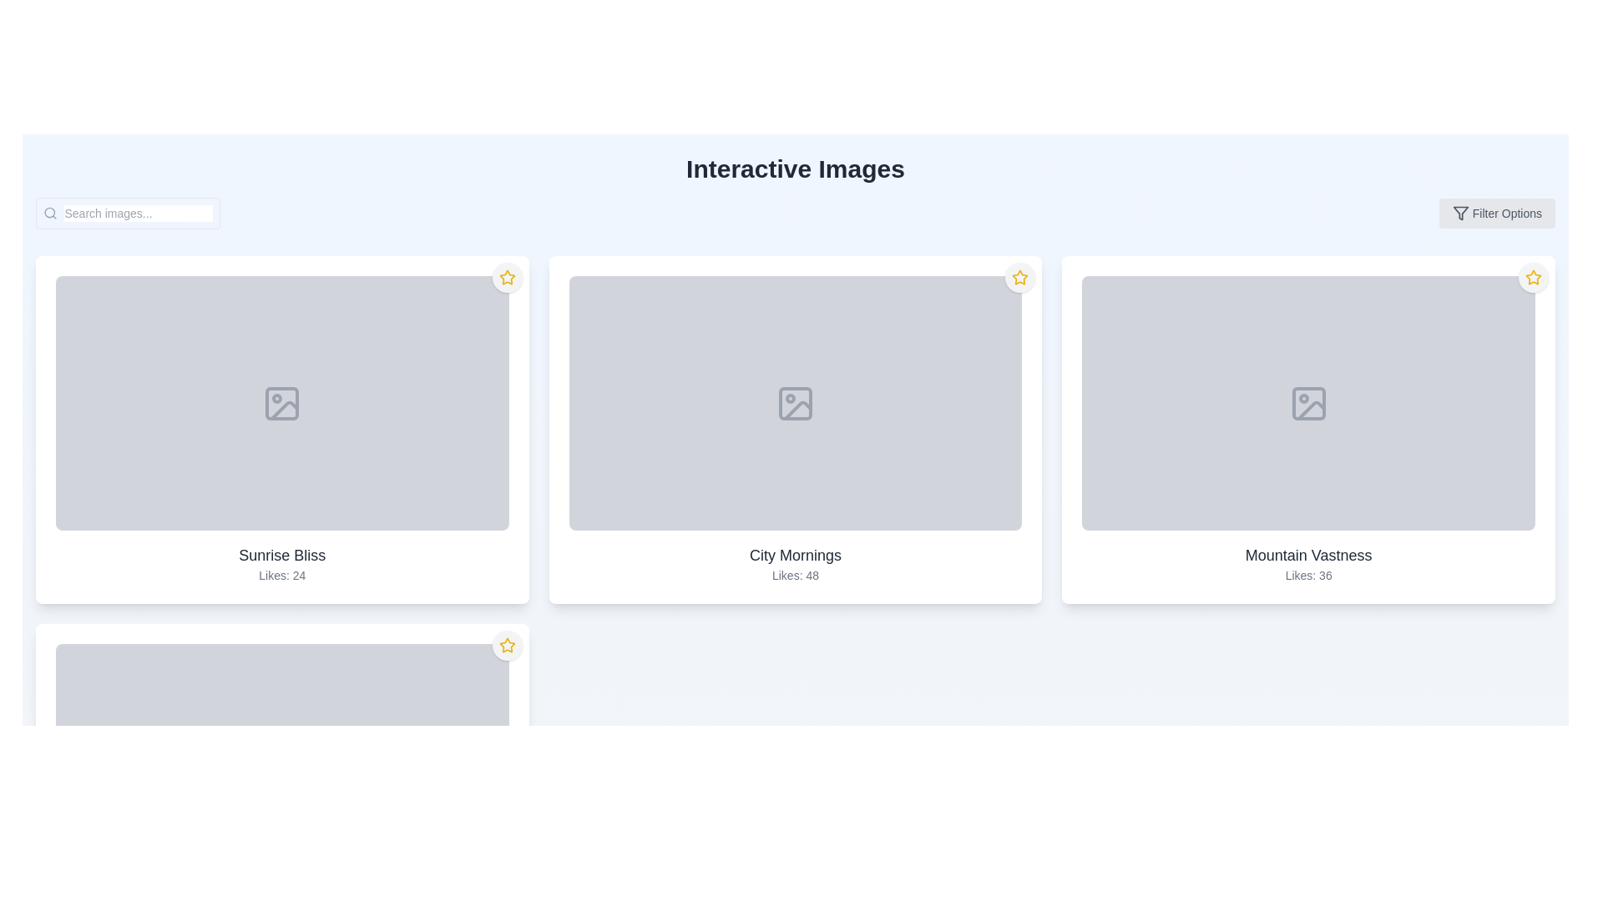 The image size is (1603, 901). What do you see at coordinates (285, 410) in the screenshot?
I see `the placeholder icon representing a missing image in the top-left region of the first card in a three-card layout` at bounding box center [285, 410].